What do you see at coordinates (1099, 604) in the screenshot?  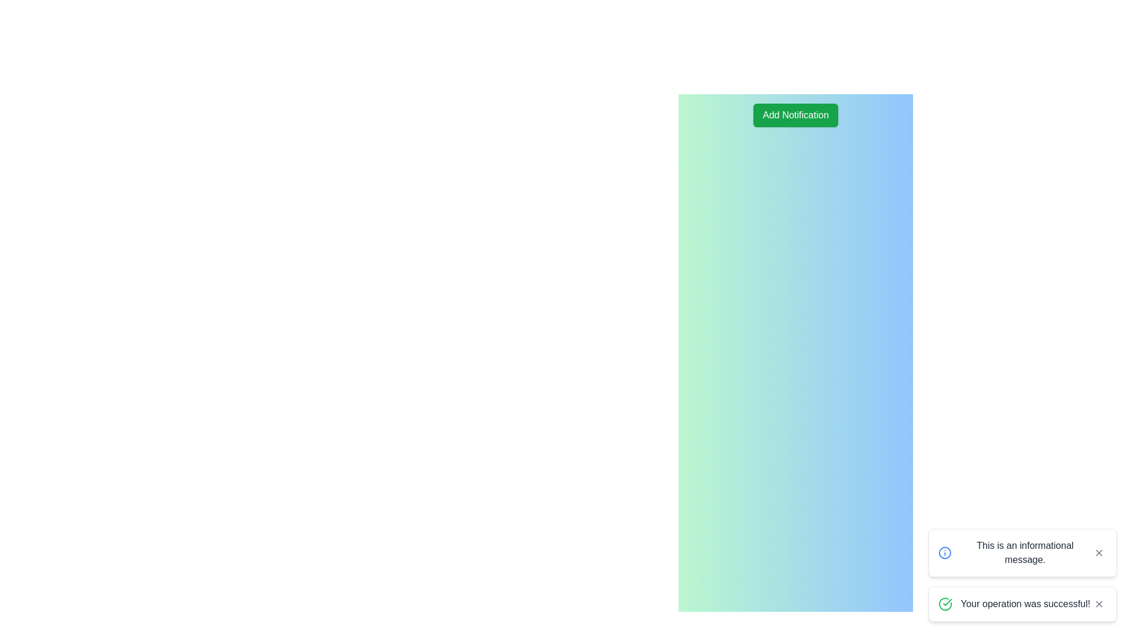 I see `the small gray button with an 'X' icon in the top-right corner of the notification box` at bounding box center [1099, 604].